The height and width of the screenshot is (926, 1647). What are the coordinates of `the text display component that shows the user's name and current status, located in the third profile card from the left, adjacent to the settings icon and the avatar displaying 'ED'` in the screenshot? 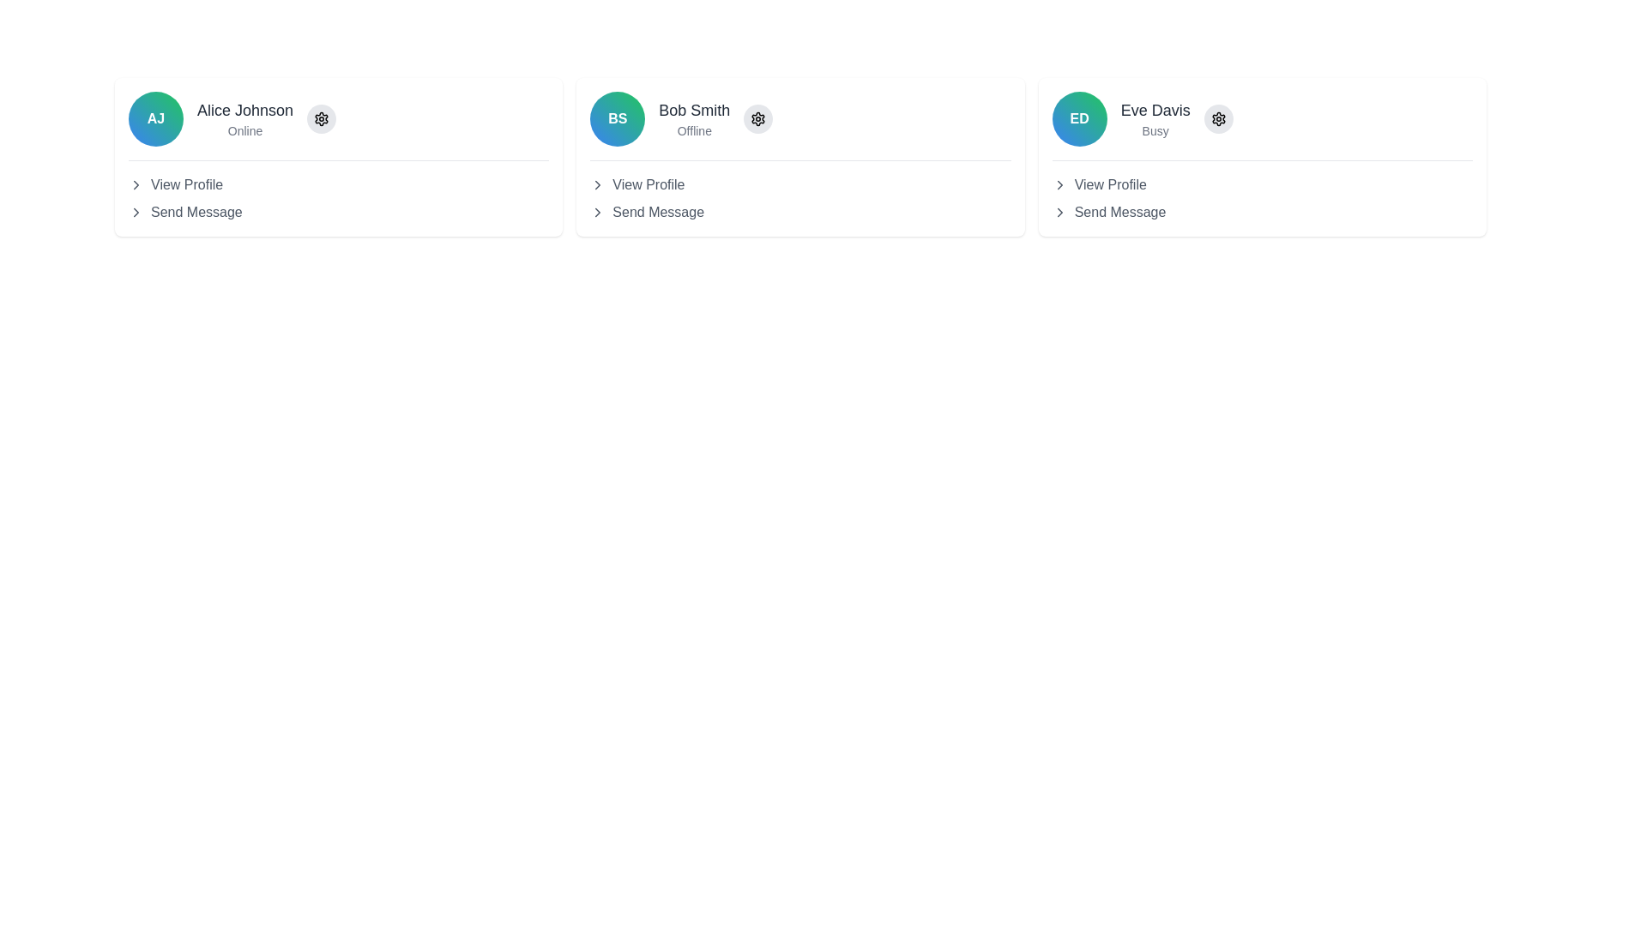 It's located at (1155, 117).